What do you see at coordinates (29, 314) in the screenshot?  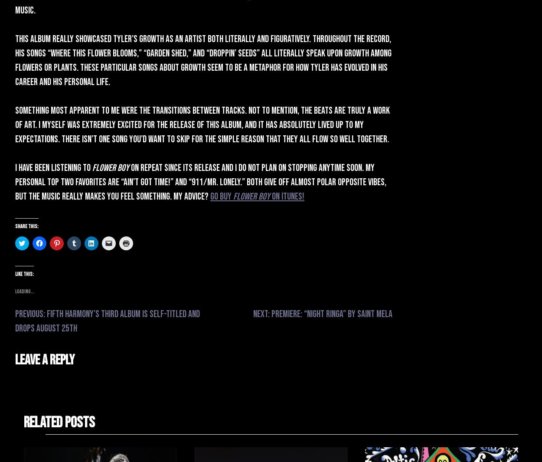 I see `'Previous:'` at bounding box center [29, 314].